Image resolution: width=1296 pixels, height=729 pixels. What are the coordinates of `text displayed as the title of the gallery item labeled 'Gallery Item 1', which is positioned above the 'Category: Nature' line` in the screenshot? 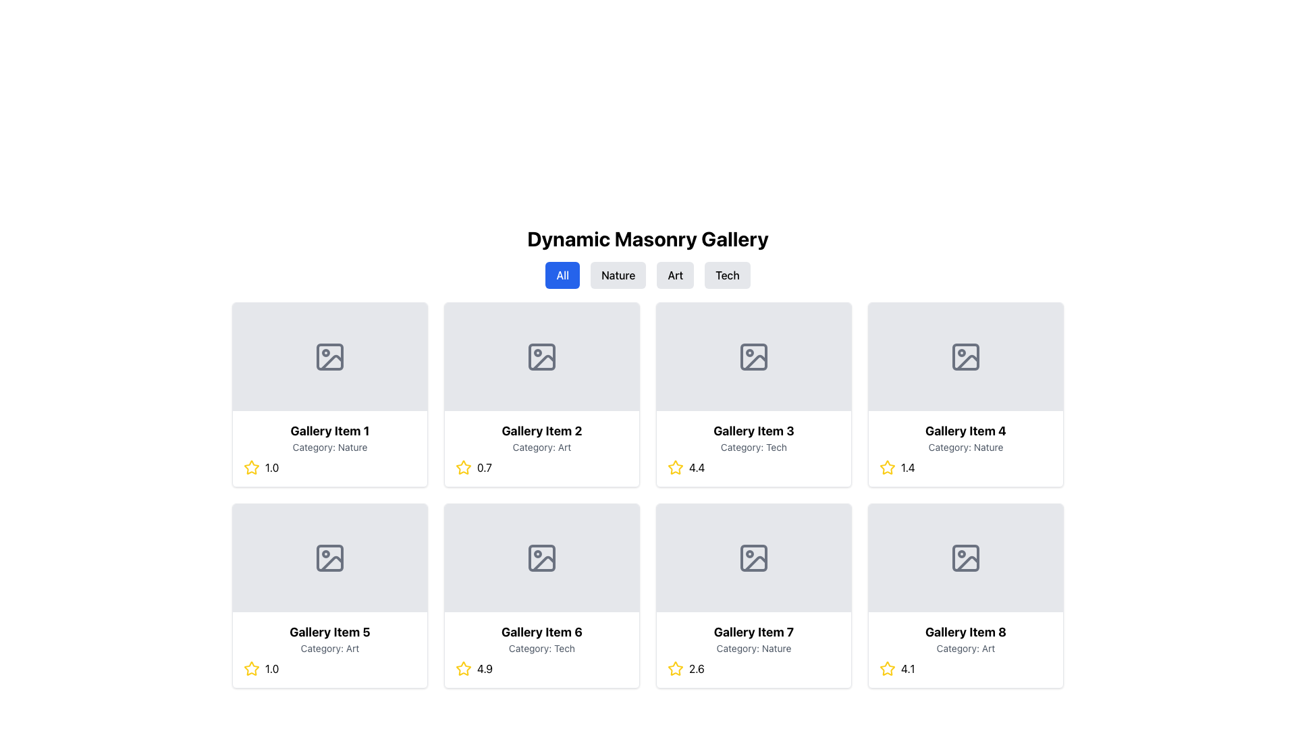 It's located at (330, 431).